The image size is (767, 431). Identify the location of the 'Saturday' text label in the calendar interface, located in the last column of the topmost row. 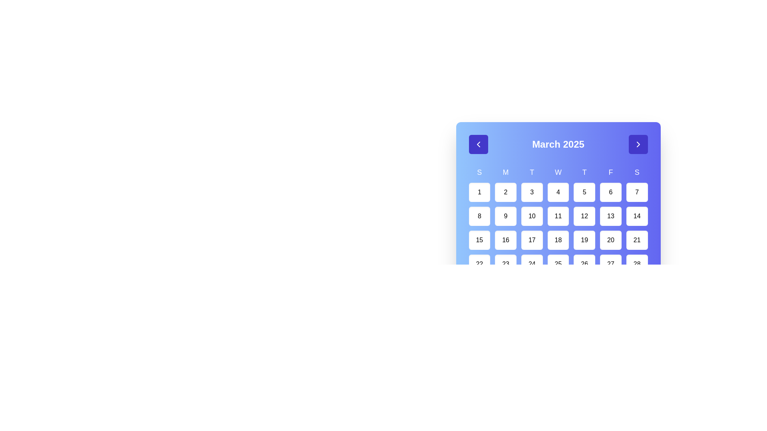
(636, 172).